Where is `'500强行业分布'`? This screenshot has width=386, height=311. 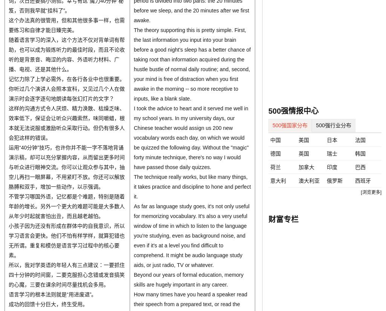 '500强行业分布' is located at coordinates (333, 125).